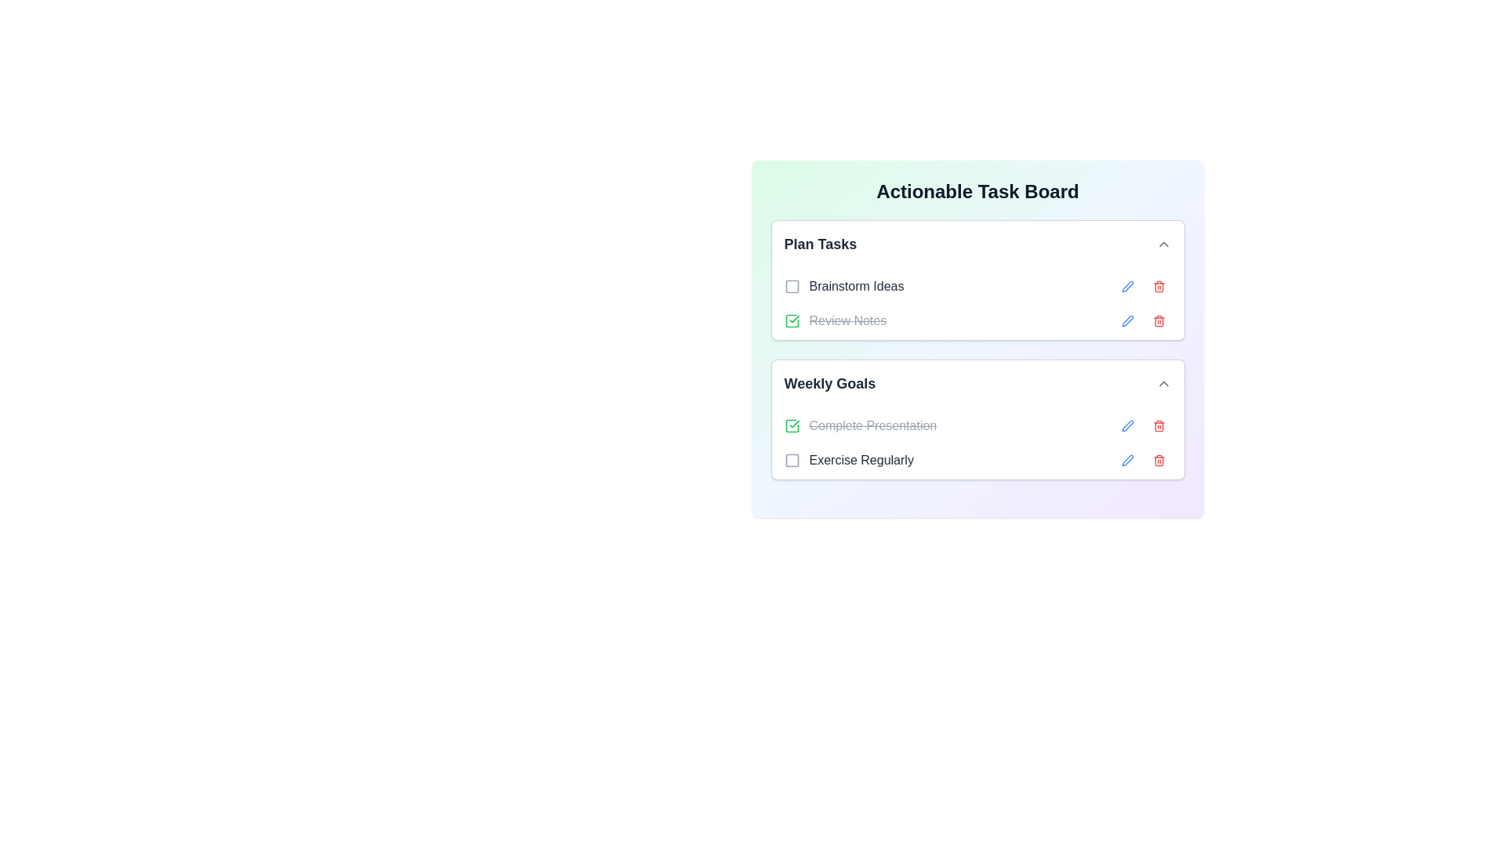  What do you see at coordinates (1126, 459) in the screenshot?
I see `the pen nib icon located in the 'Weekly Goals' section, adjacent to the text 'Exercise Regularly', to open the editing interface` at bounding box center [1126, 459].